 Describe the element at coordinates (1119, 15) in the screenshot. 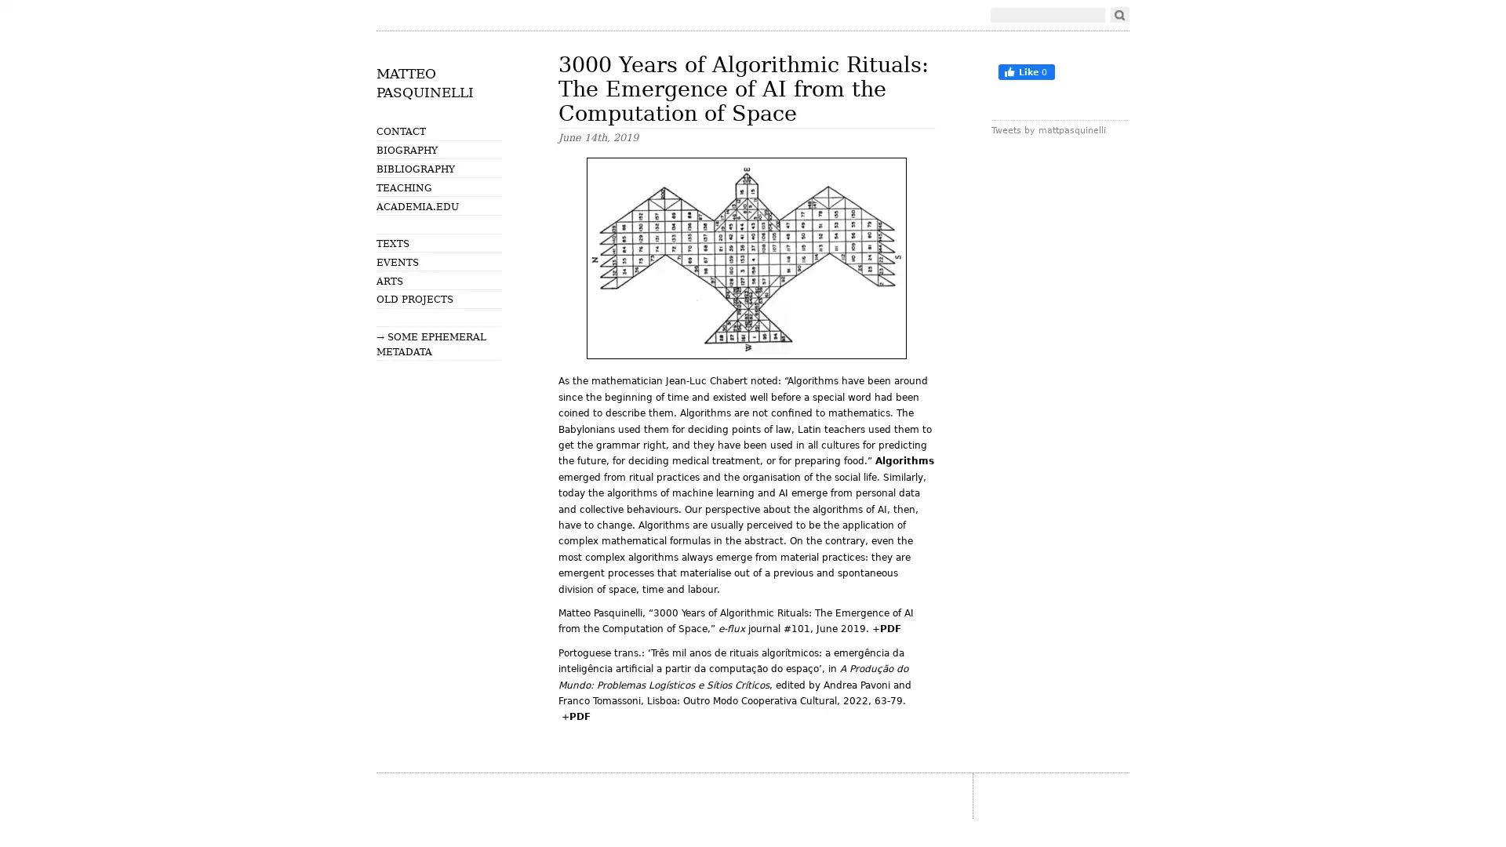

I see `Go` at that location.